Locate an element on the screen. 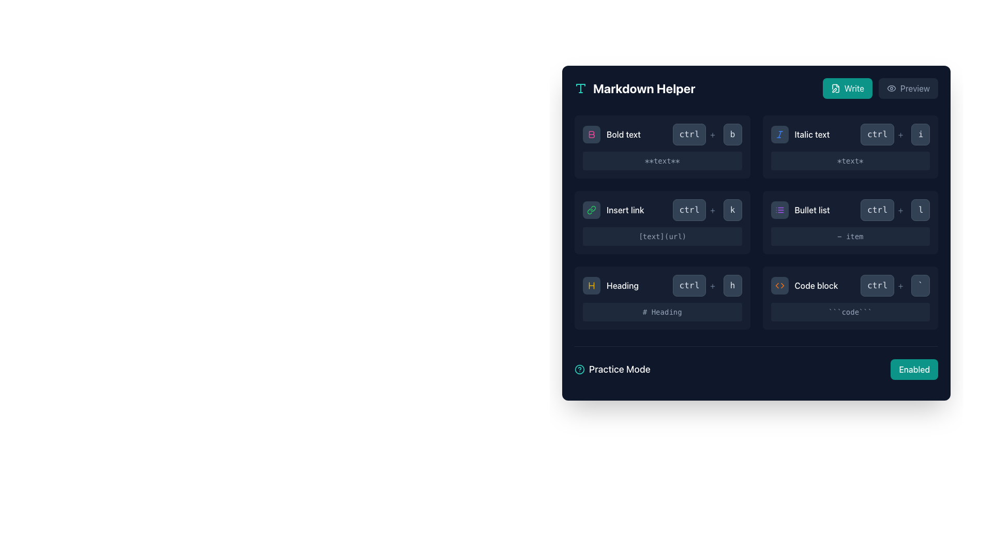 The width and height of the screenshot is (993, 559). the 'Ctrl' key label in the keyboard shortcut indicator located in the lower-right section of the Markdown Helper interface is located at coordinates (689, 285).